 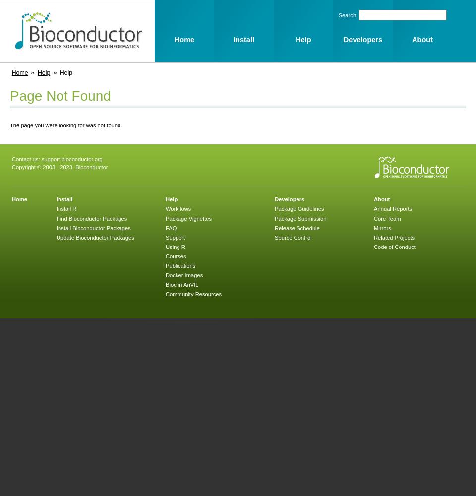 I want to click on 'Copyright © 2003 - 2023, Bioconductor', so click(x=11, y=166).